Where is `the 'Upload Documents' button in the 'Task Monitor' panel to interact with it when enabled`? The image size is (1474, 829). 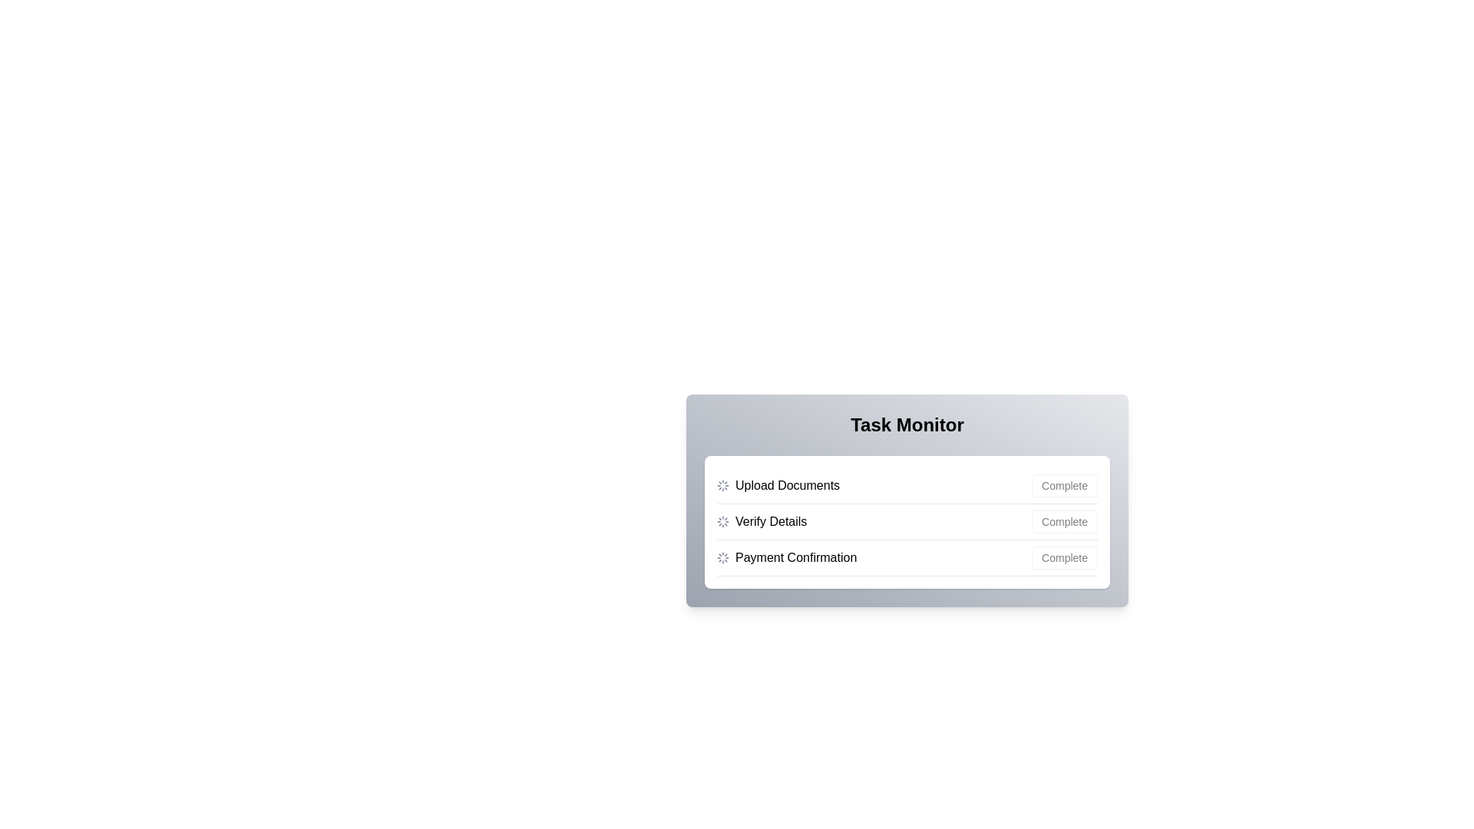
the 'Upload Documents' button in the 'Task Monitor' panel to interact with it when enabled is located at coordinates (1064, 485).